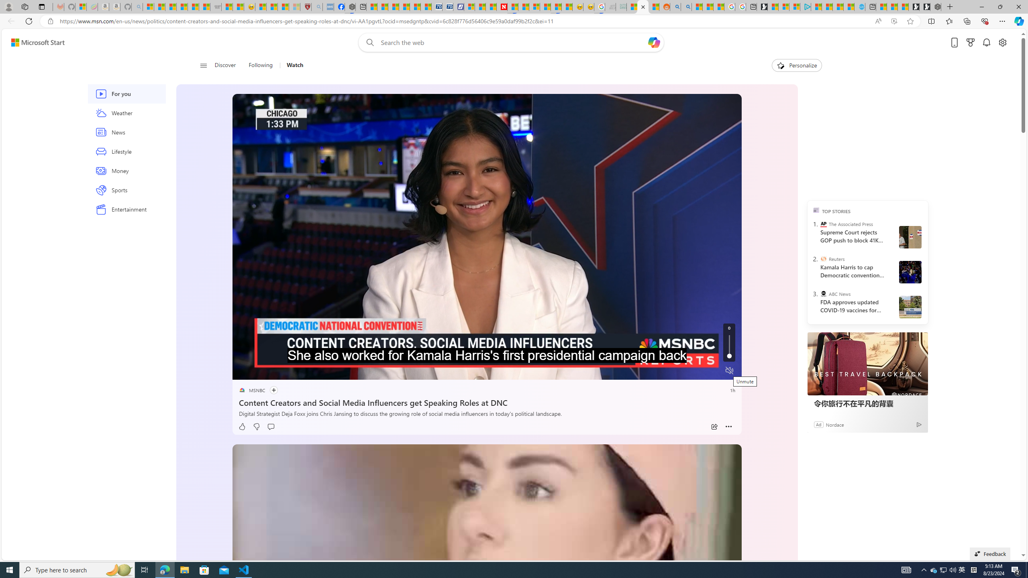 The width and height of the screenshot is (1028, 578). Describe the element at coordinates (859, 6) in the screenshot. I see `'Home | Sky Blue Bikes - Sky Blue Bikes'` at that location.